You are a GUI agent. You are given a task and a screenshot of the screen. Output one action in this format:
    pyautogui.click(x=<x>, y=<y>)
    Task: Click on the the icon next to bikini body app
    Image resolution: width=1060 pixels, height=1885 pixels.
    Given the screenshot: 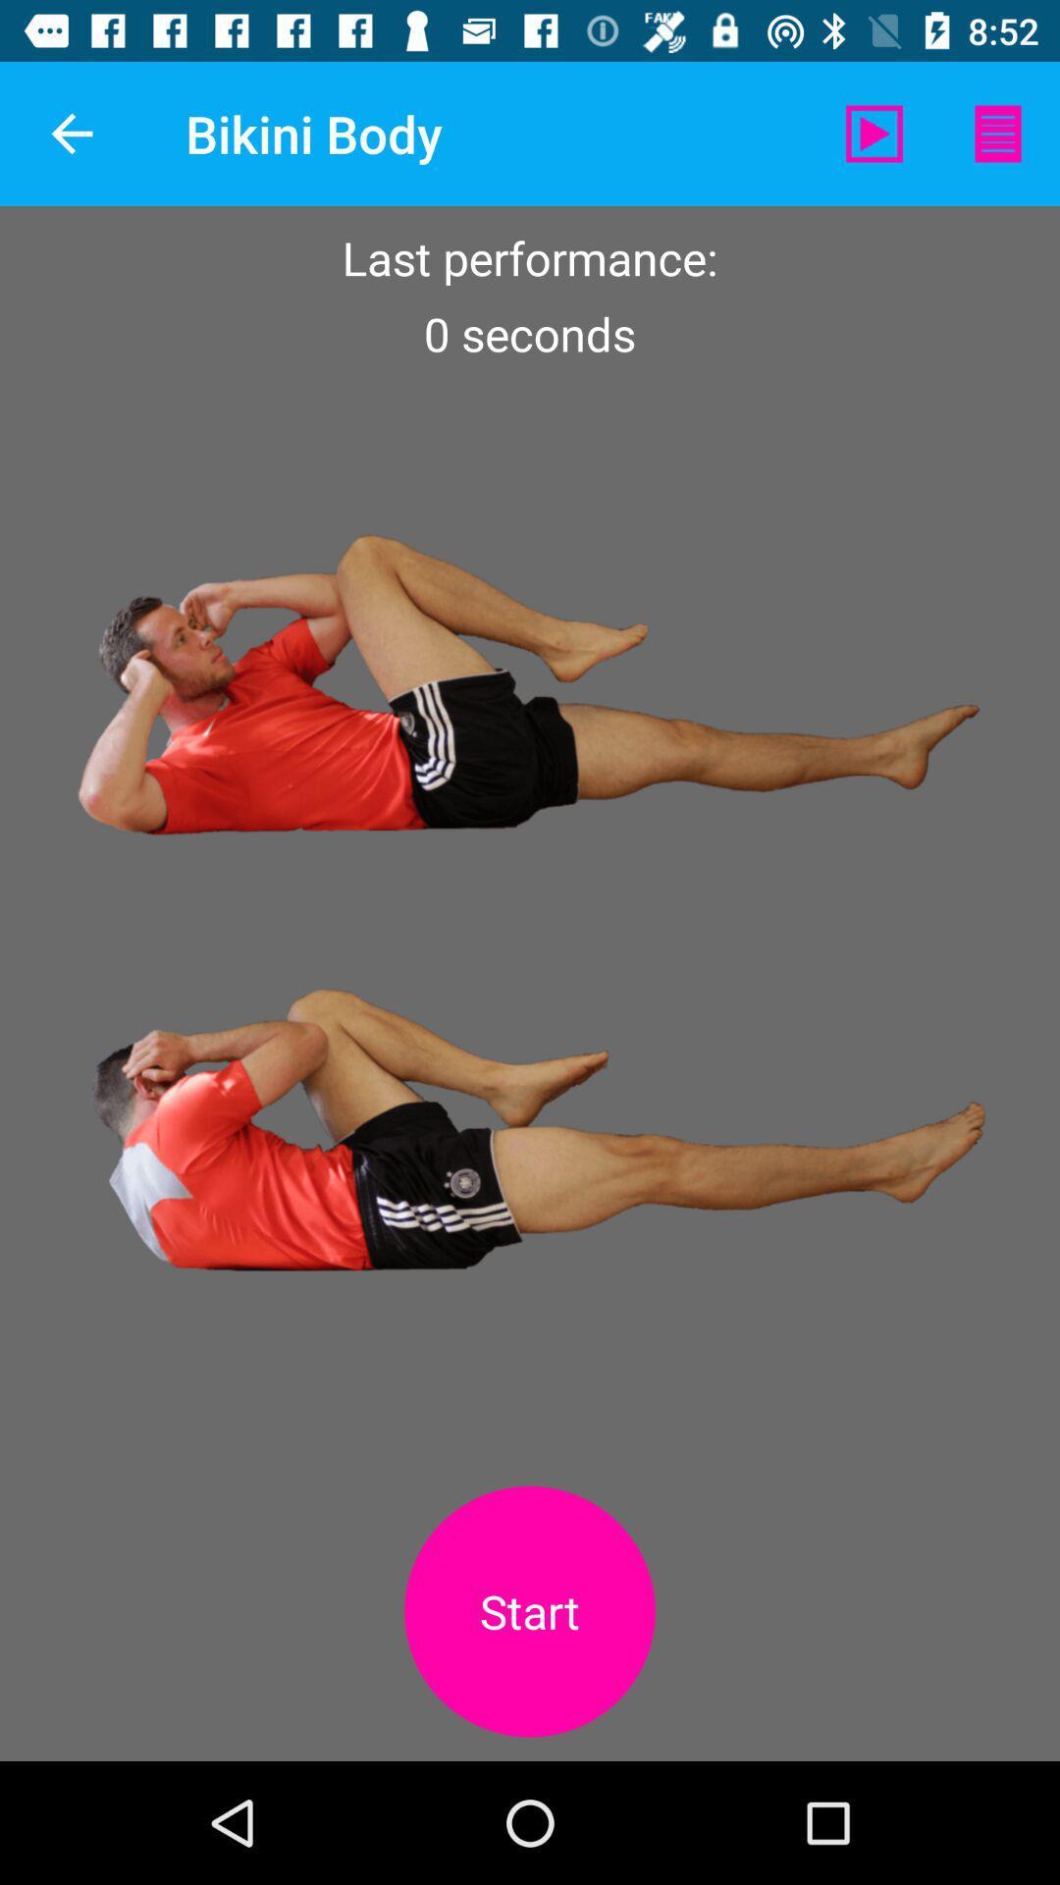 What is the action you would take?
    pyautogui.click(x=71, y=133)
    